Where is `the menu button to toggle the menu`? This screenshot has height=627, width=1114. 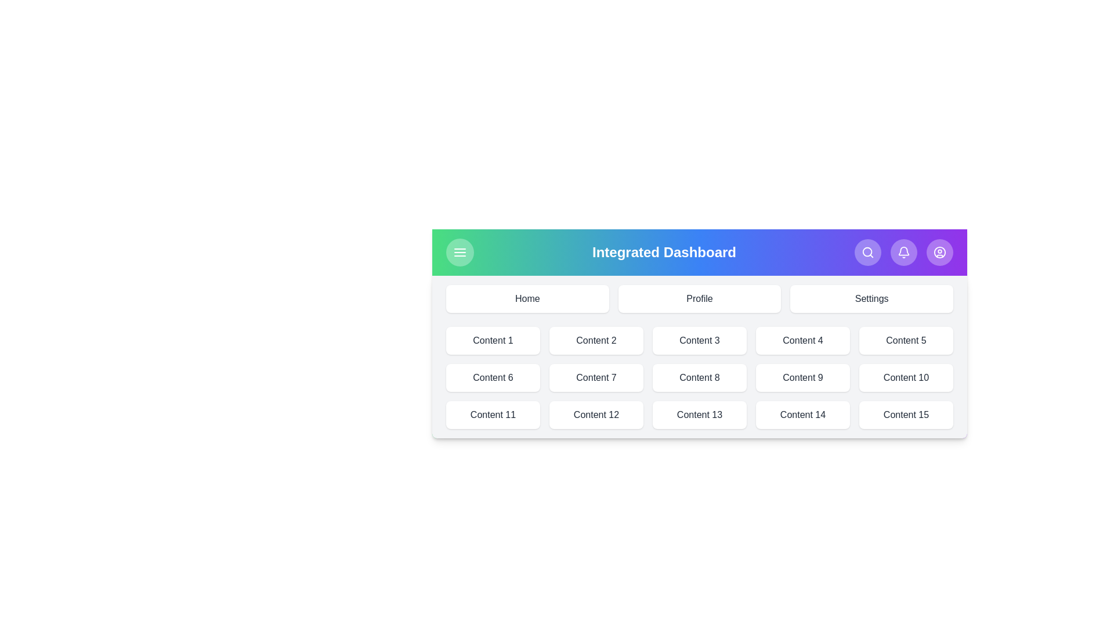
the menu button to toggle the menu is located at coordinates (459, 252).